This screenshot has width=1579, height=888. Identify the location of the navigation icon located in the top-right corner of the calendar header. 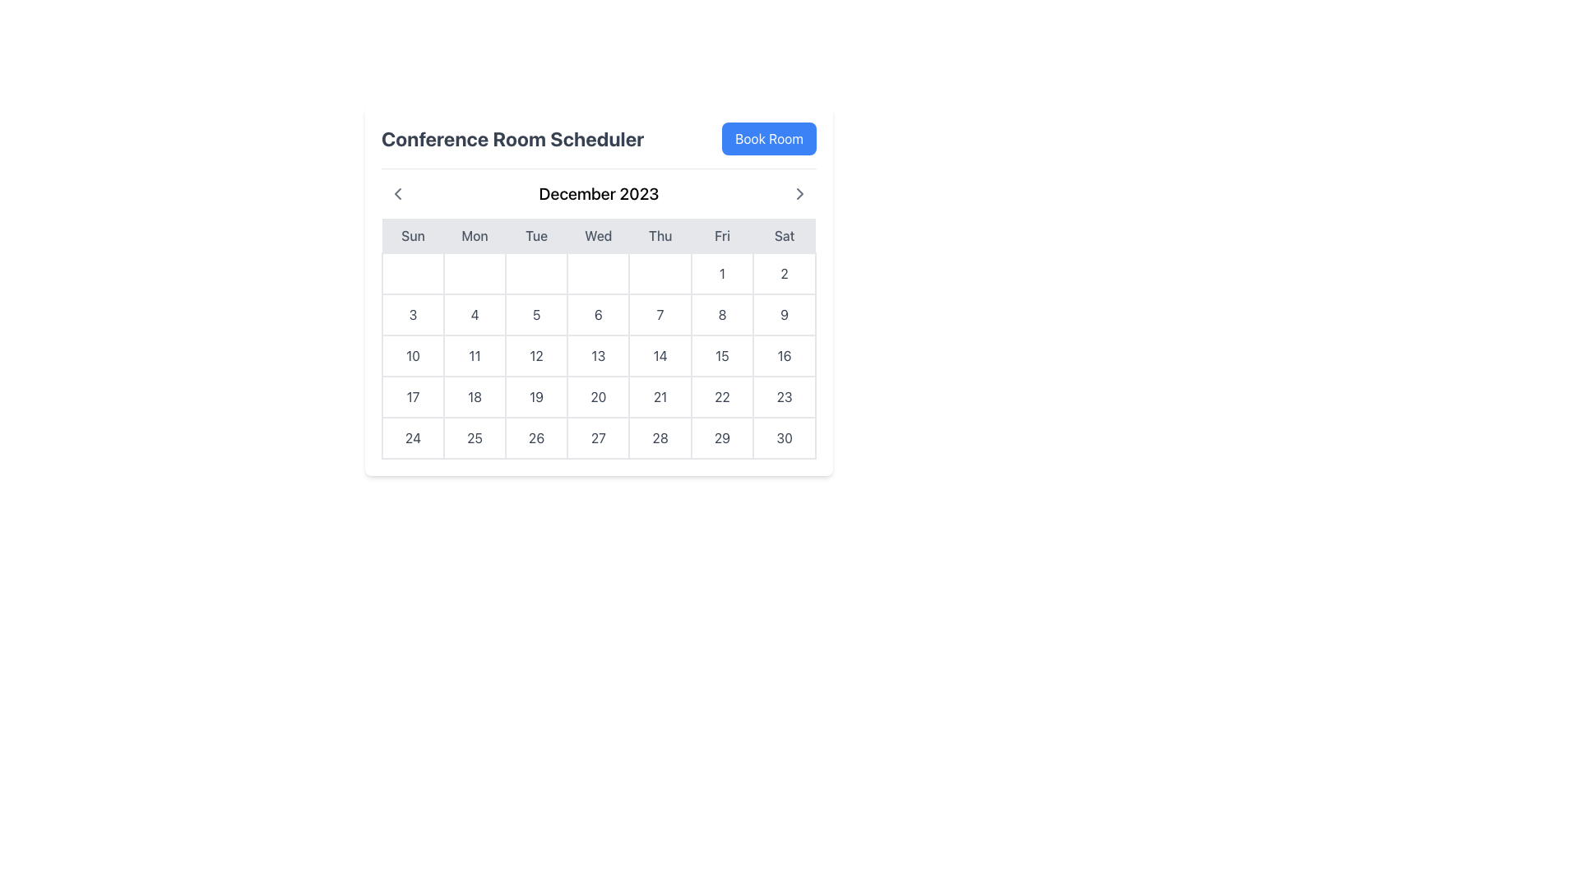
(800, 192).